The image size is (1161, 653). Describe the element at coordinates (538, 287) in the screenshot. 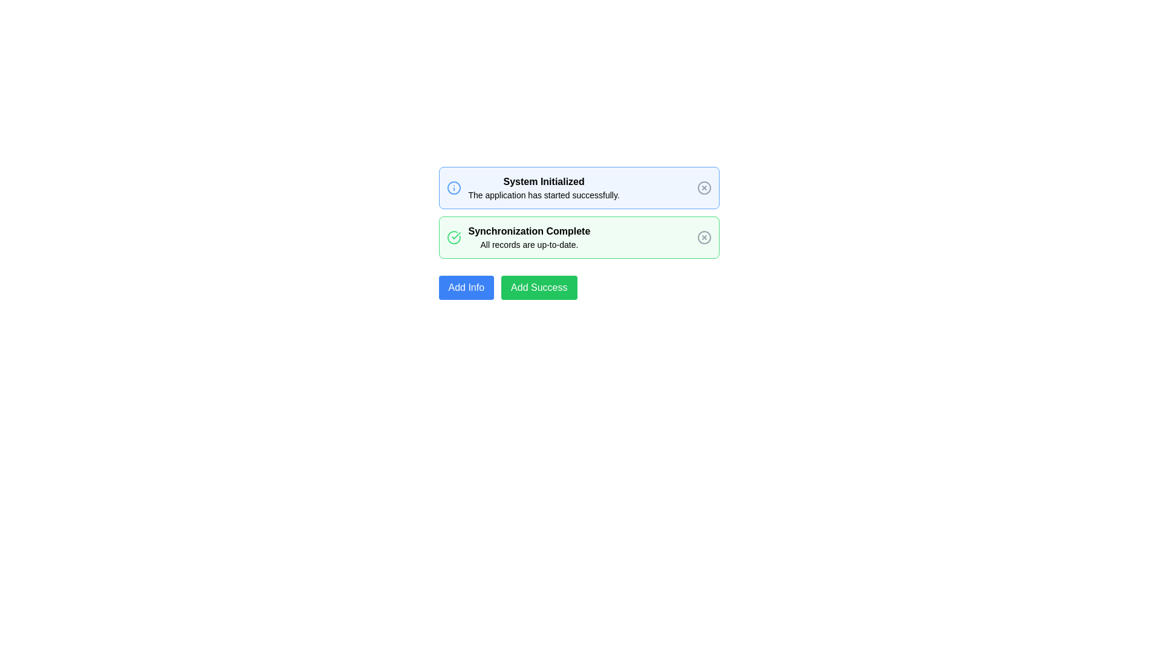

I see `the green 'Add Success' button, which is the second button in a horizontal layout, located below two notification panels` at that location.